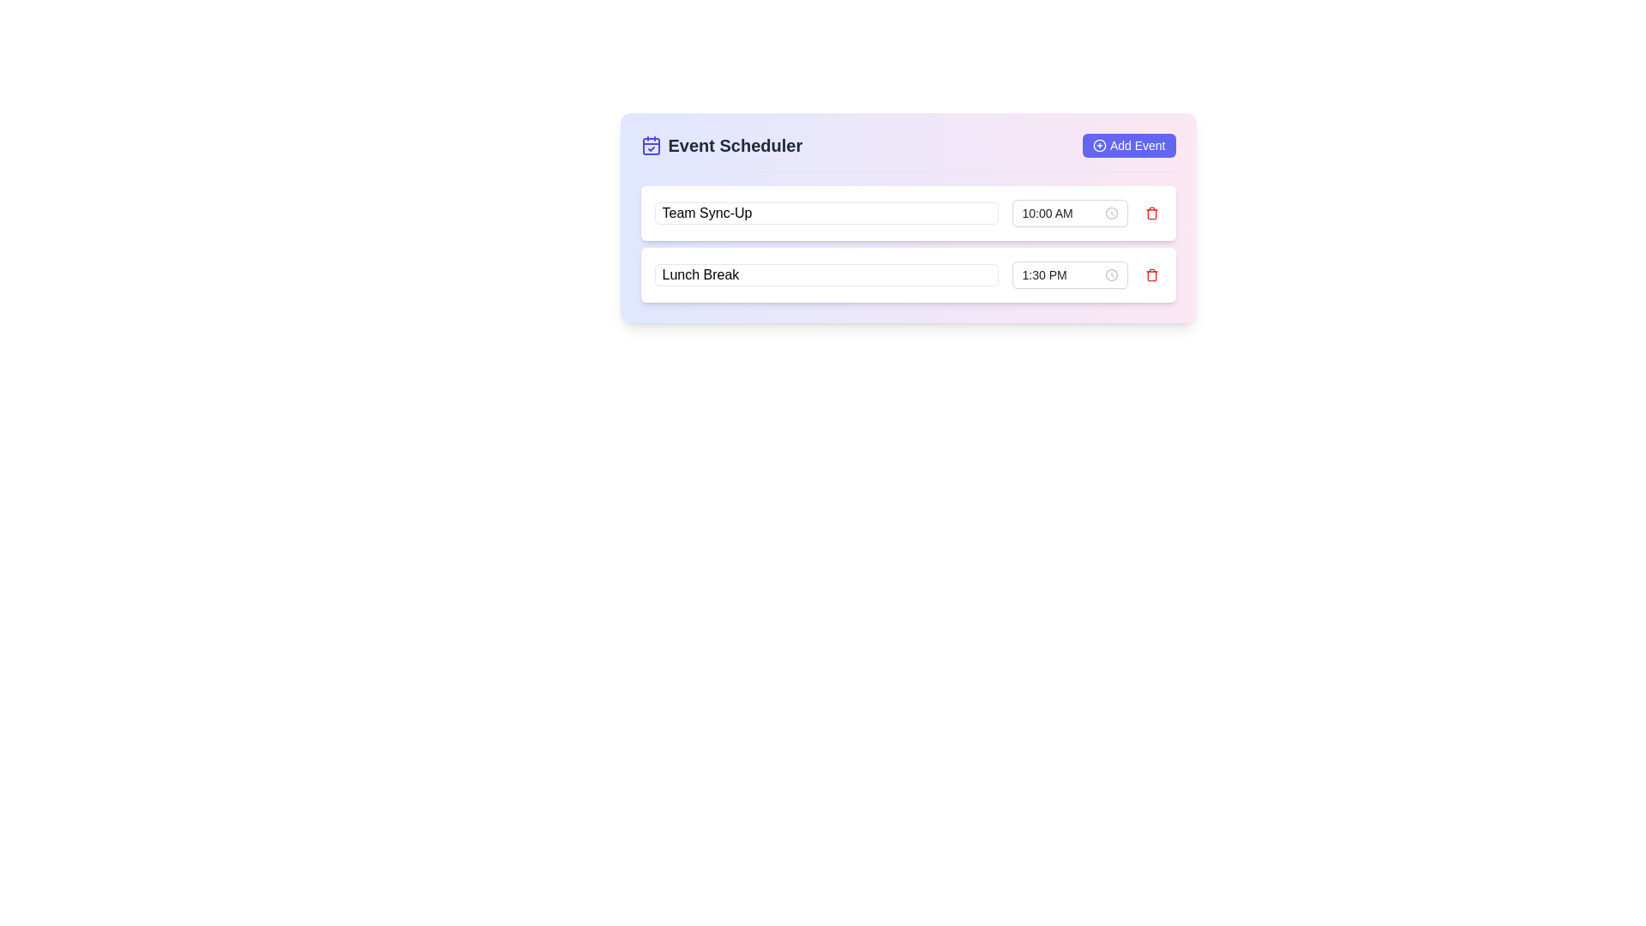 Image resolution: width=1646 pixels, height=926 pixels. What do you see at coordinates (1128, 144) in the screenshot?
I see `the 'Add Event' button with a rounded indigo background and a plus icon to initiate the addition of a new event` at bounding box center [1128, 144].